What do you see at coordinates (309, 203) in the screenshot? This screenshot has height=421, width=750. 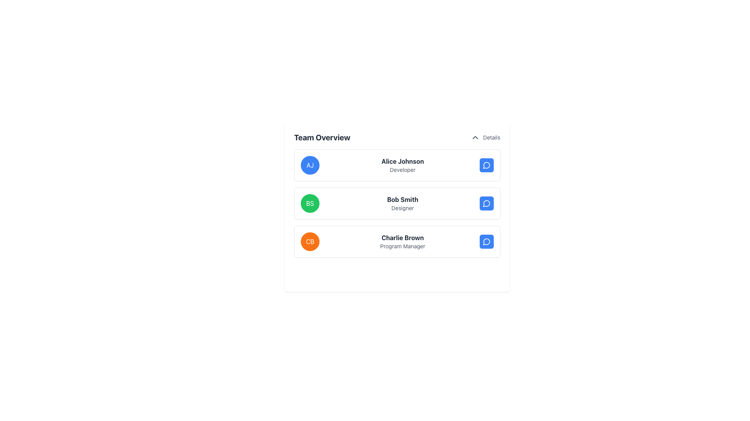 I see `the Avatar visual identifier for 'Bob Smith Designer', located on the left side next to the textual information` at bounding box center [309, 203].